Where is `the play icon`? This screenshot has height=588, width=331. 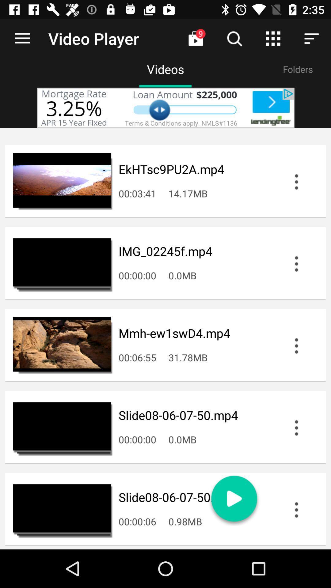 the play icon is located at coordinates (234, 499).